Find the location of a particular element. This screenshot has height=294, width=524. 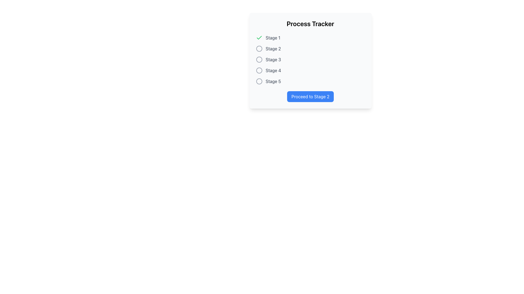

text 'Stage 5' from the label that is part of a step indicator, located as the fifth element in a vertical list, positioned below 'Stage 4' and above the 'Proceed to Stage 2' button is located at coordinates (268, 81).